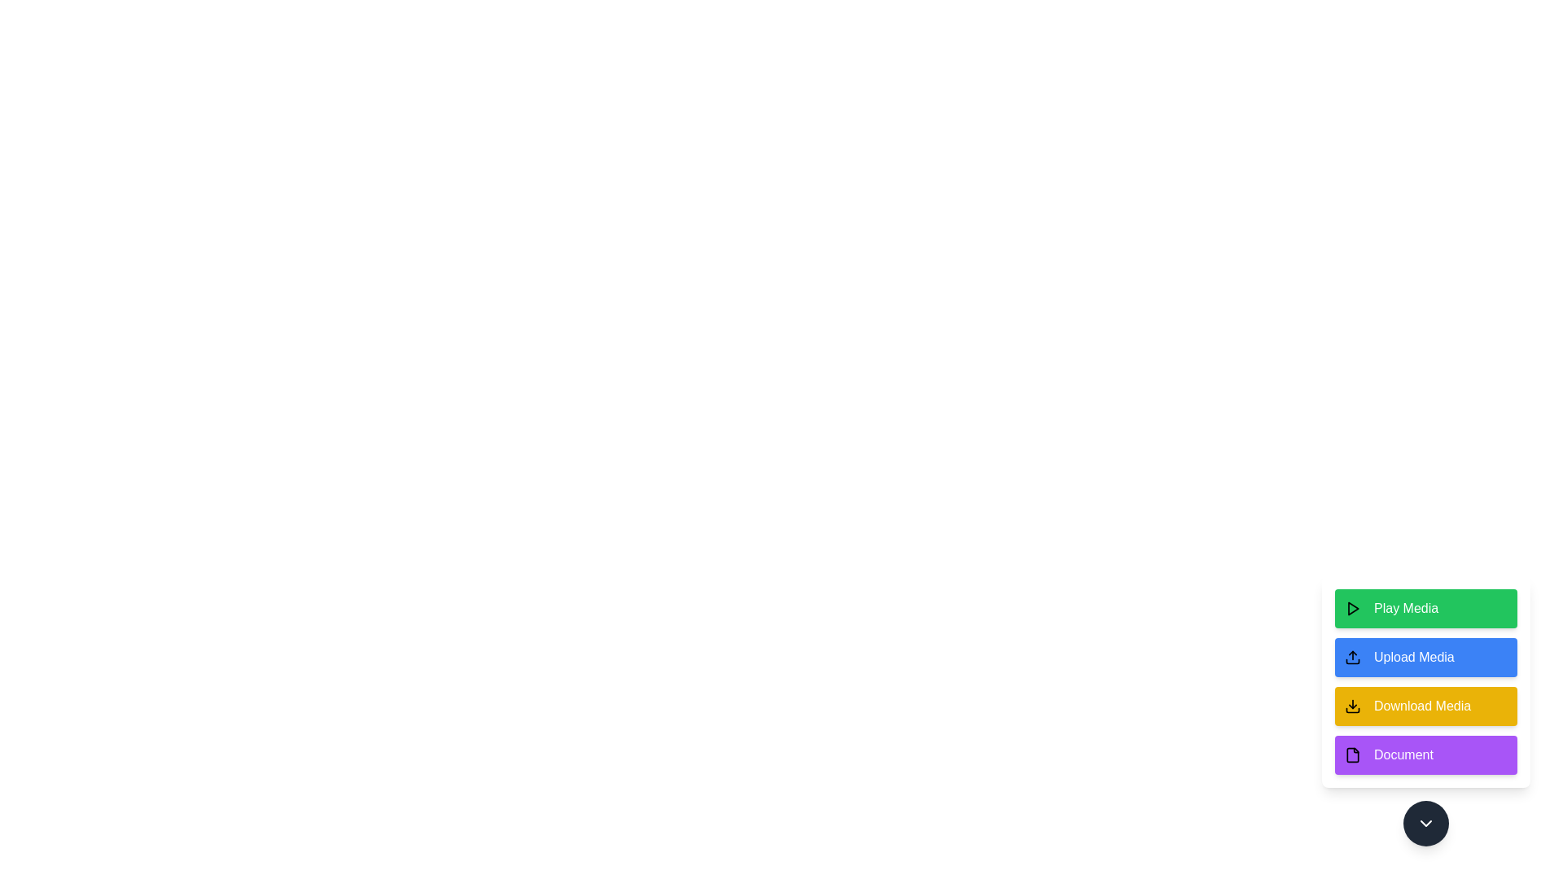 The width and height of the screenshot is (1563, 879). What do you see at coordinates (1425, 823) in the screenshot?
I see `the toggle button to change the visibility of the MediaOptionsPanel` at bounding box center [1425, 823].